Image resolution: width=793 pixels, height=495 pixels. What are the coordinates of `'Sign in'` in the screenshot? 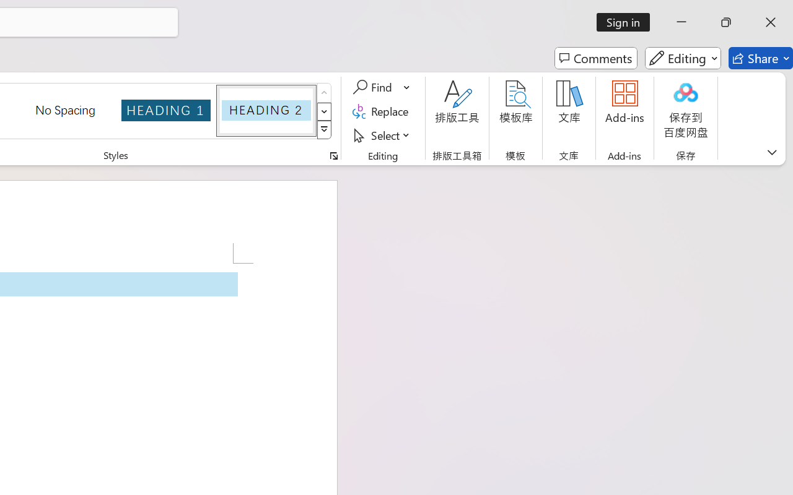 It's located at (628, 22).